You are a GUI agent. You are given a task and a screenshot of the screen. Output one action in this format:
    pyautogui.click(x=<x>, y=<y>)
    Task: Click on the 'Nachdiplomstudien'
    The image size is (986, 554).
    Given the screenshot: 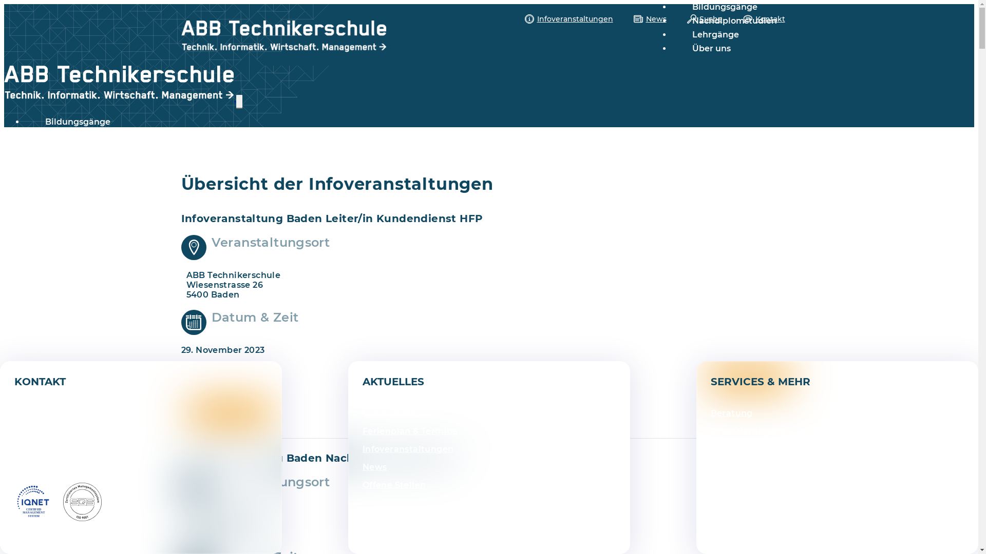 What is the action you would take?
    pyautogui.click(x=734, y=21)
    